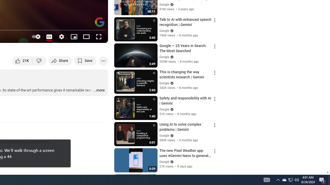 The width and height of the screenshot is (330, 185). I want to click on 'Verified', so click(171, 161).